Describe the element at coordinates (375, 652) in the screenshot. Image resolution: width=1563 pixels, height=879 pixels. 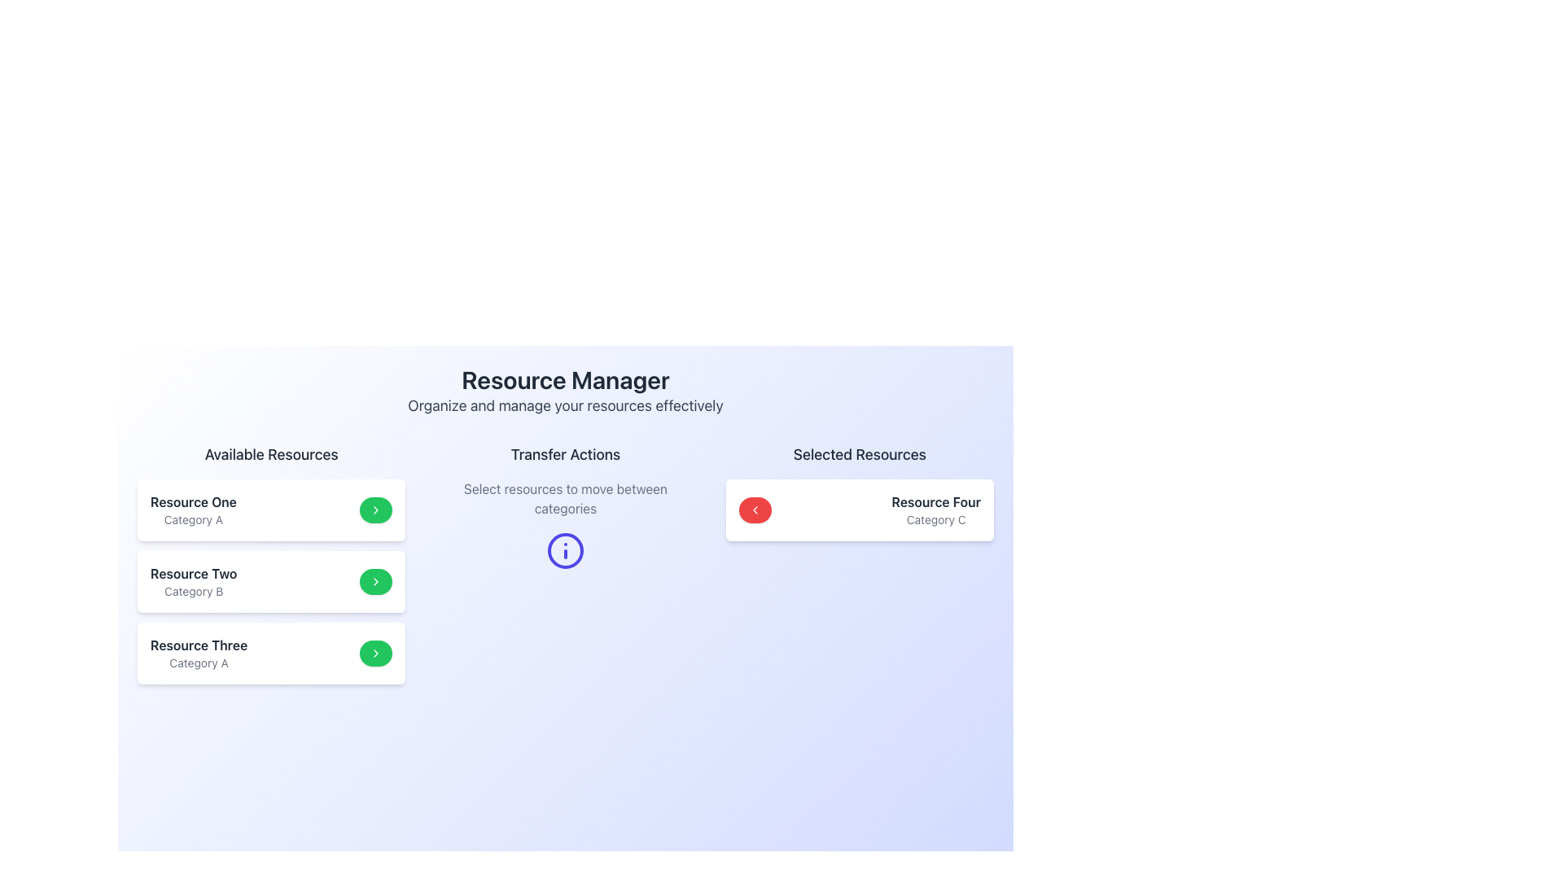
I see `the third button in the 'Available Resources' section, located at the bottom-right corner of the 'Resource Three, Category A' card` at that location.